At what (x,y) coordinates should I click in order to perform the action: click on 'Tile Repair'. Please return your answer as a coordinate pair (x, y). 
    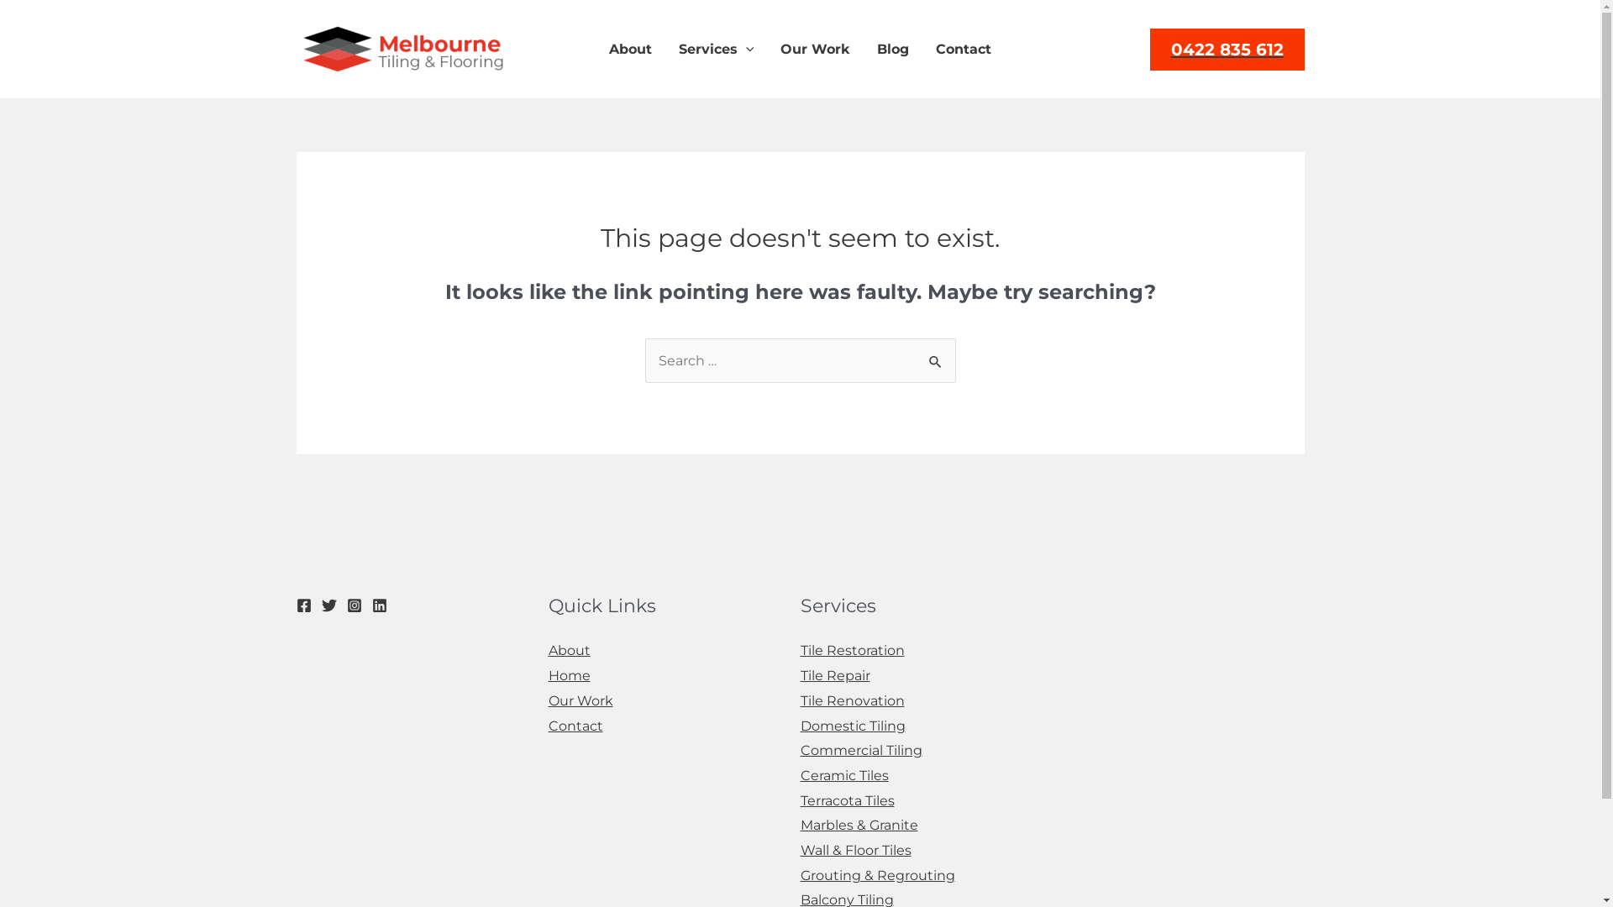
    Looking at the image, I should click on (834, 674).